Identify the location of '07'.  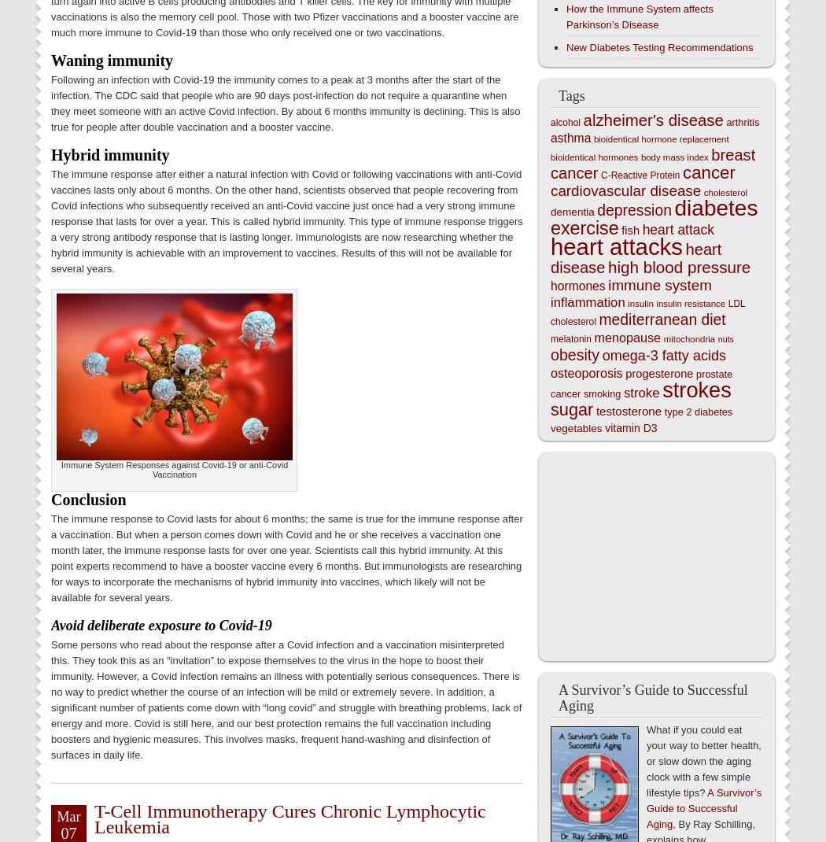
(60, 833).